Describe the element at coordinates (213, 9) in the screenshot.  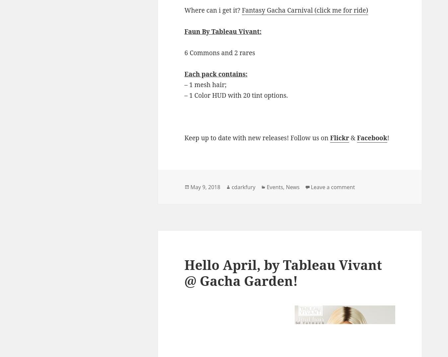
I see `'Where can i get it?'` at that location.